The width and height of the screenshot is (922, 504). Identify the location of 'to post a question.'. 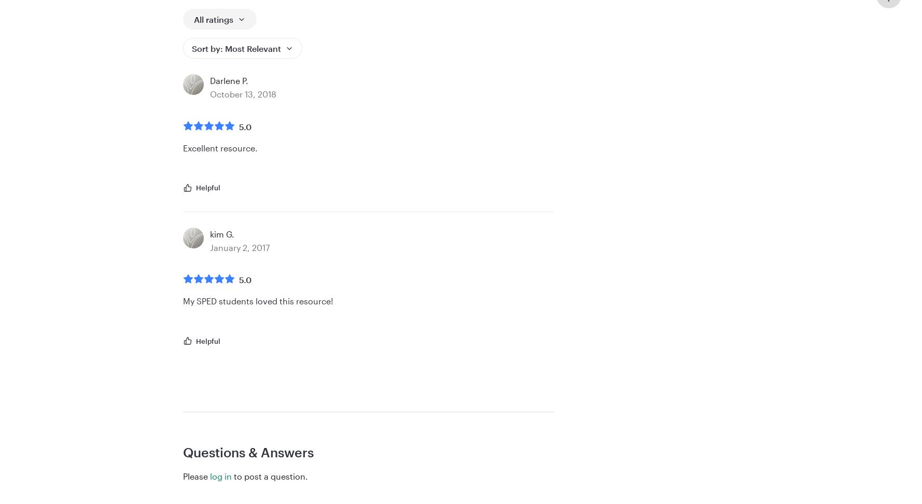
(270, 475).